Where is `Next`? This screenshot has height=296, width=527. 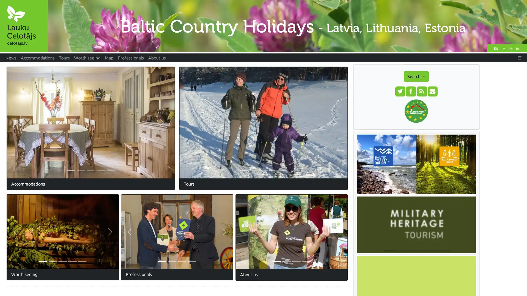
Next is located at coordinates (224, 232).